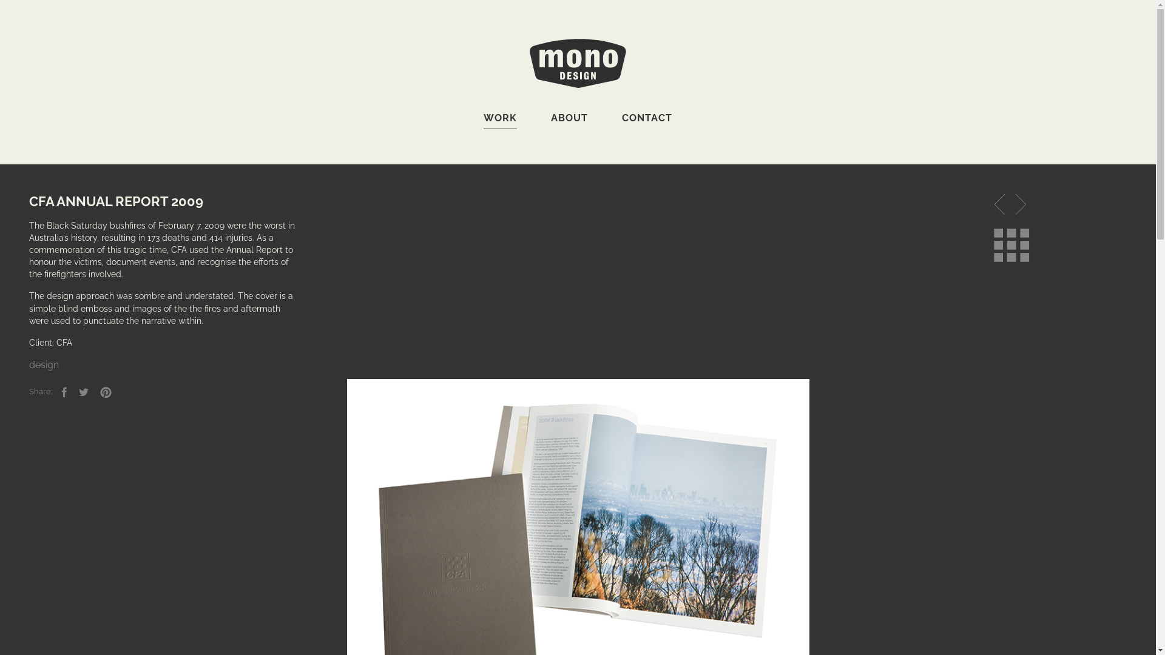 Image resolution: width=1165 pixels, height=655 pixels. I want to click on 'WORK', so click(500, 121).